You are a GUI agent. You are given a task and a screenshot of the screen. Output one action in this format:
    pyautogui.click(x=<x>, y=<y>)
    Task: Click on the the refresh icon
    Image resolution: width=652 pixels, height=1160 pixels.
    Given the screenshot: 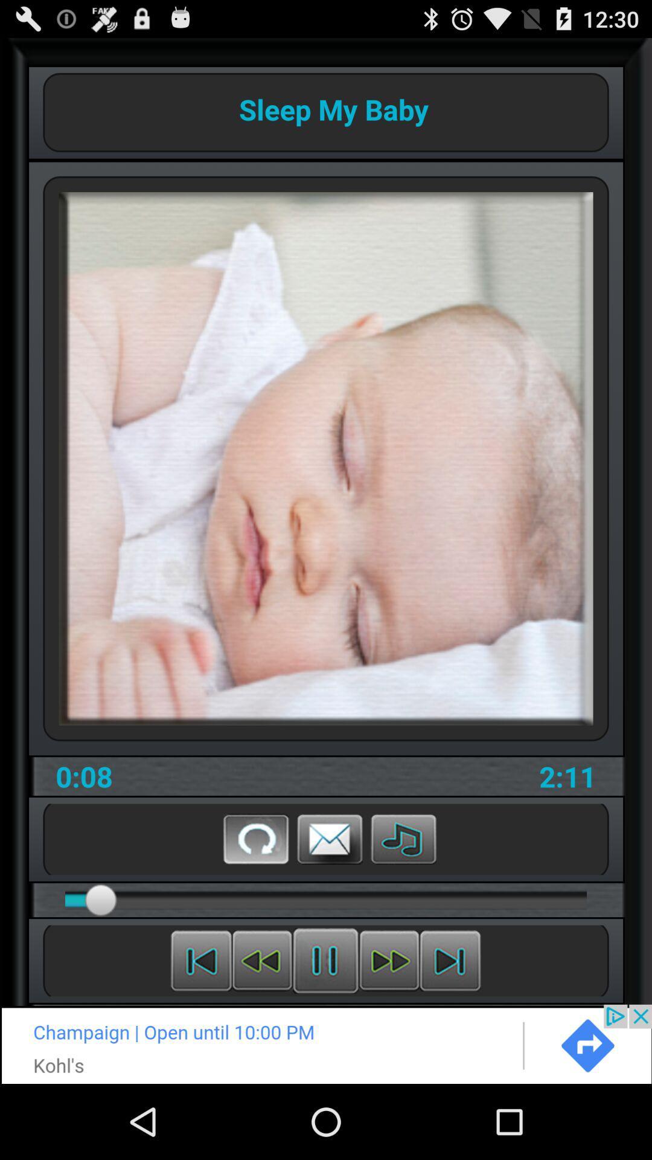 What is the action you would take?
    pyautogui.click(x=255, y=898)
    